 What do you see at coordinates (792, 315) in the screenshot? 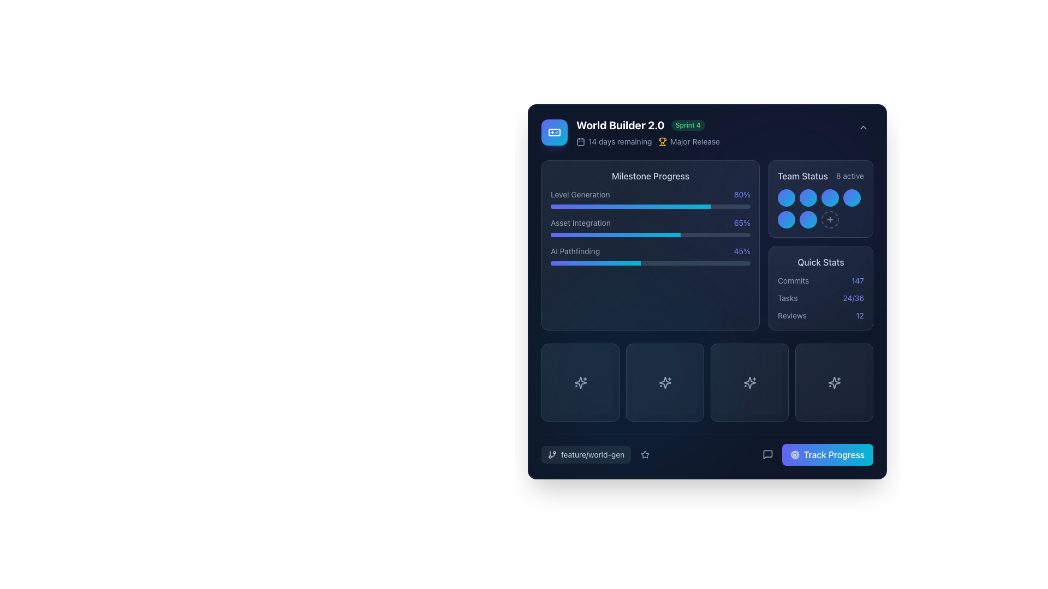
I see `text label containing 'Reviews' located in the 'Quick Stats' section near the bottom-right corner of the interface` at bounding box center [792, 315].